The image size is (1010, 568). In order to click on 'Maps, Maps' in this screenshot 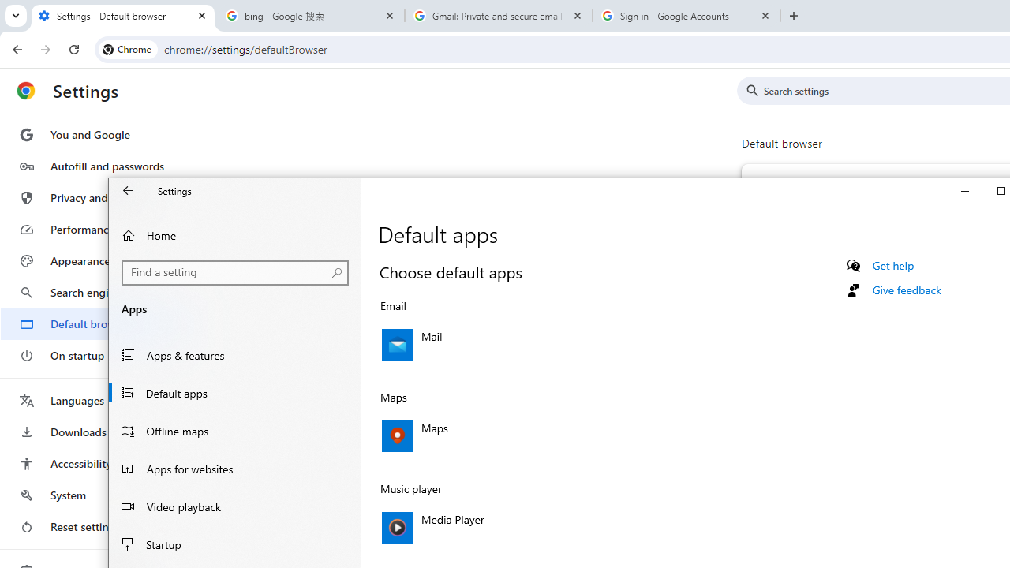, I will do `click(545, 435)`.